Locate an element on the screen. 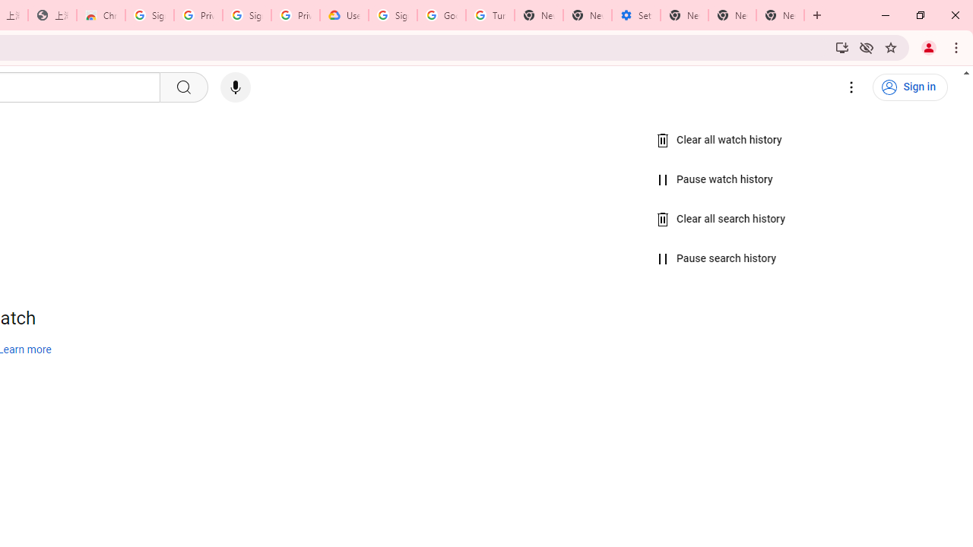 The image size is (973, 547). 'New Tab' is located at coordinates (780, 15).